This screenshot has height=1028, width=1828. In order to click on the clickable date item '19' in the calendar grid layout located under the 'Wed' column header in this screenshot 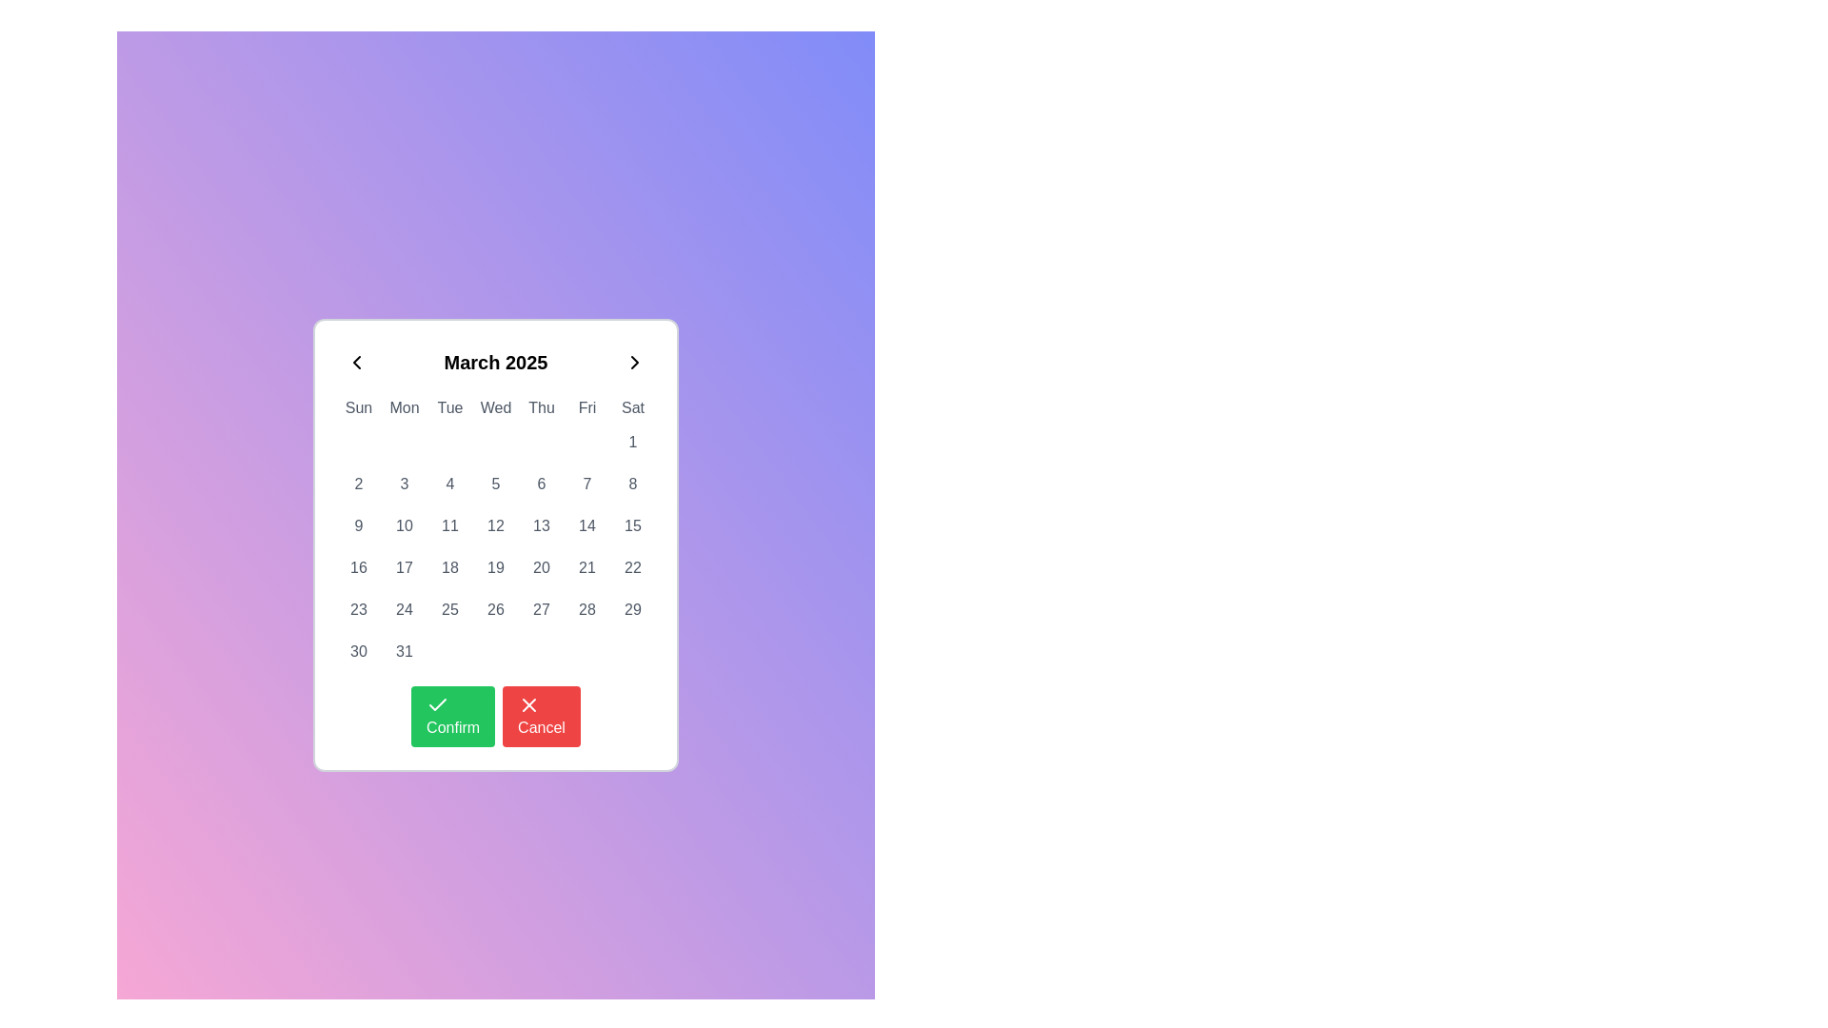, I will do `click(496, 567)`.